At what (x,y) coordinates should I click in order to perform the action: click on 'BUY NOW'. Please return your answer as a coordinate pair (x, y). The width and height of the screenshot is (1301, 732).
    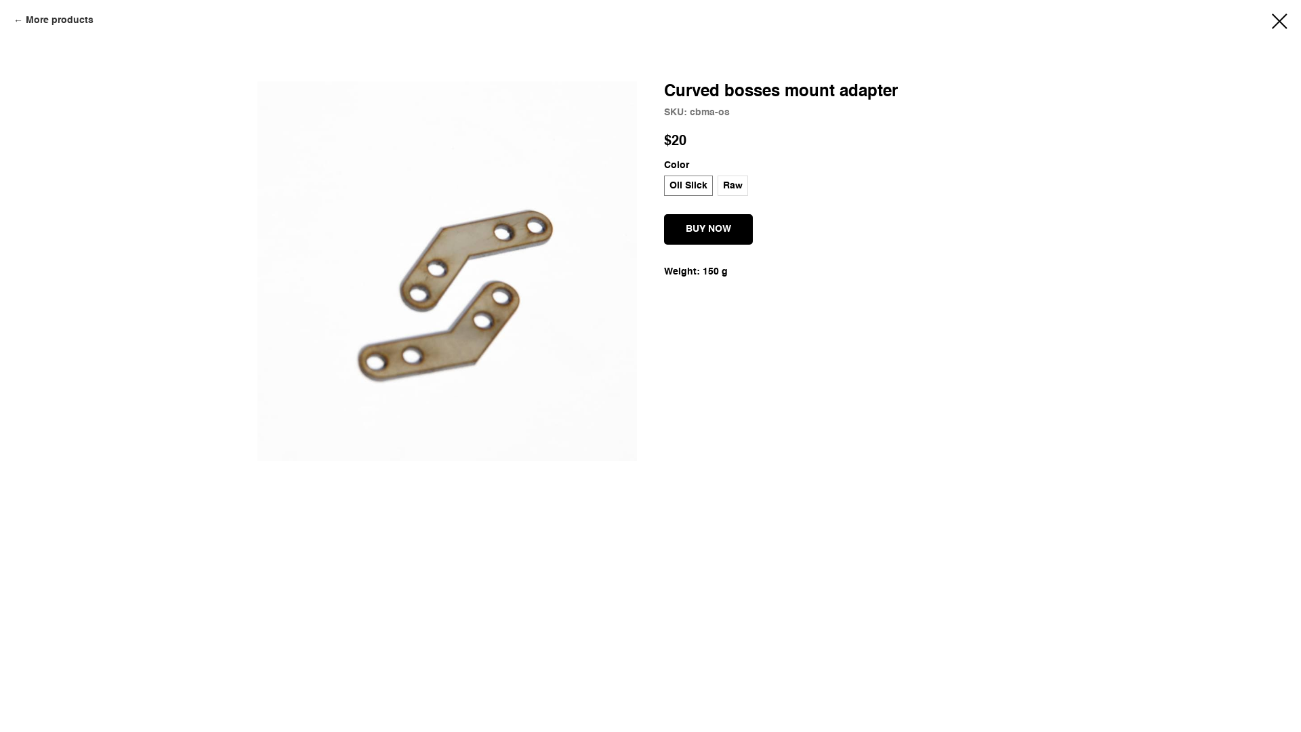
    Looking at the image, I should click on (707, 228).